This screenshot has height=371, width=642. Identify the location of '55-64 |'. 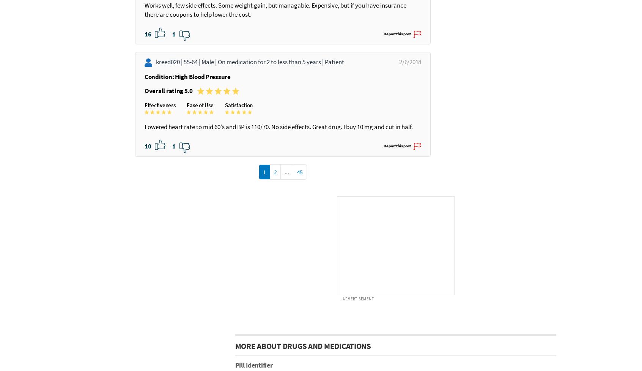
(192, 126).